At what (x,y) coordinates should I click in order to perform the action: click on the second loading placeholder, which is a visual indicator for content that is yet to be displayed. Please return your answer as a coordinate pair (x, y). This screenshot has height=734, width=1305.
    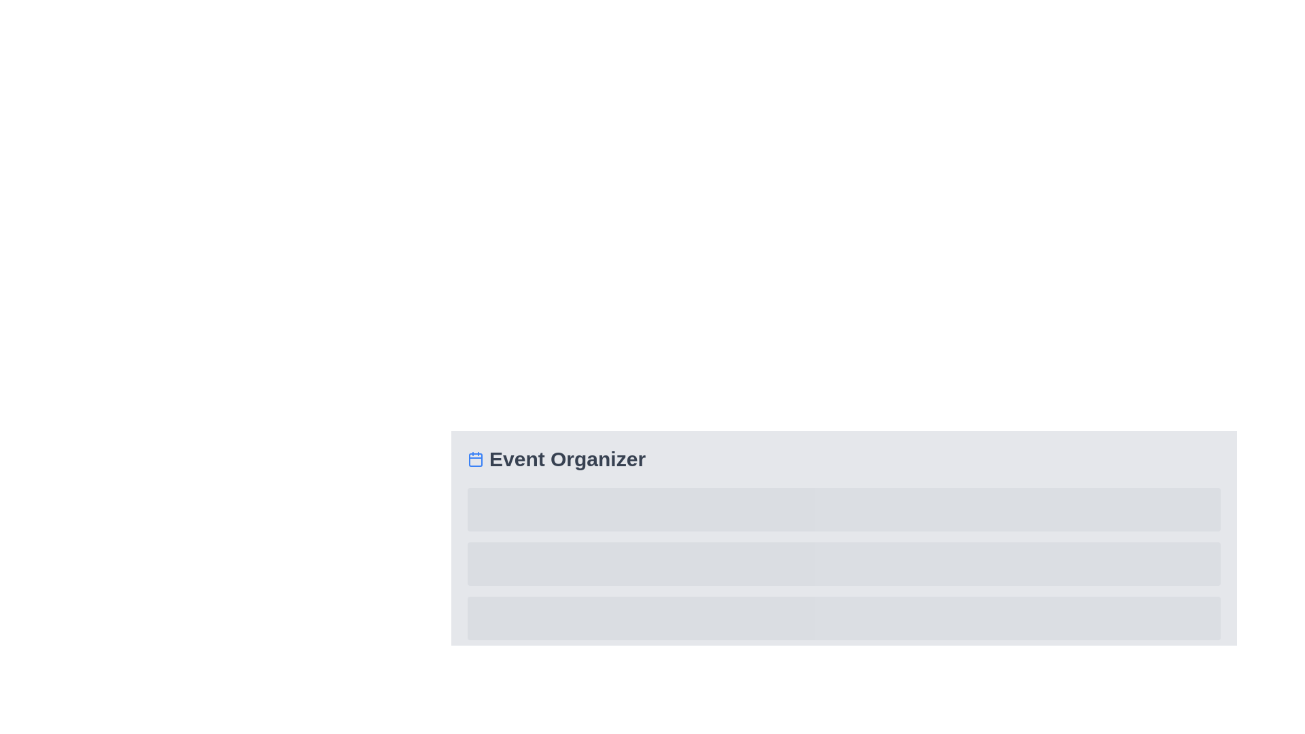
    Looking at the image, I should click on (843, 563).